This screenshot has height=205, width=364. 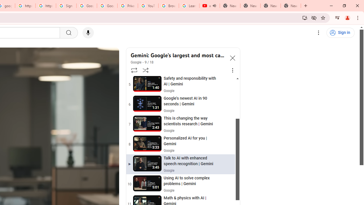 What do you see at coordinates (46, 6) in the screenshot?
I see `'https://scholar.google.com/'` at bounding box center [46, 6].